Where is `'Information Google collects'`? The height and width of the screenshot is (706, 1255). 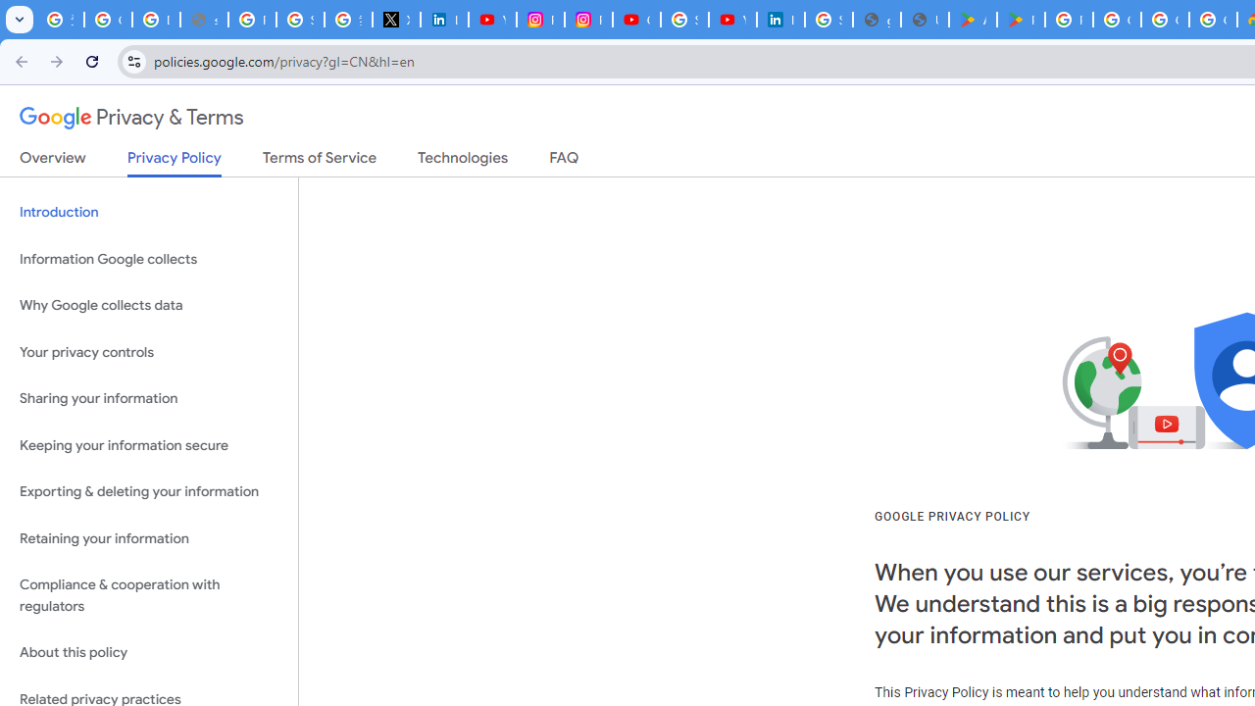 'Information Google collects' is located at coordinates (148, 258).